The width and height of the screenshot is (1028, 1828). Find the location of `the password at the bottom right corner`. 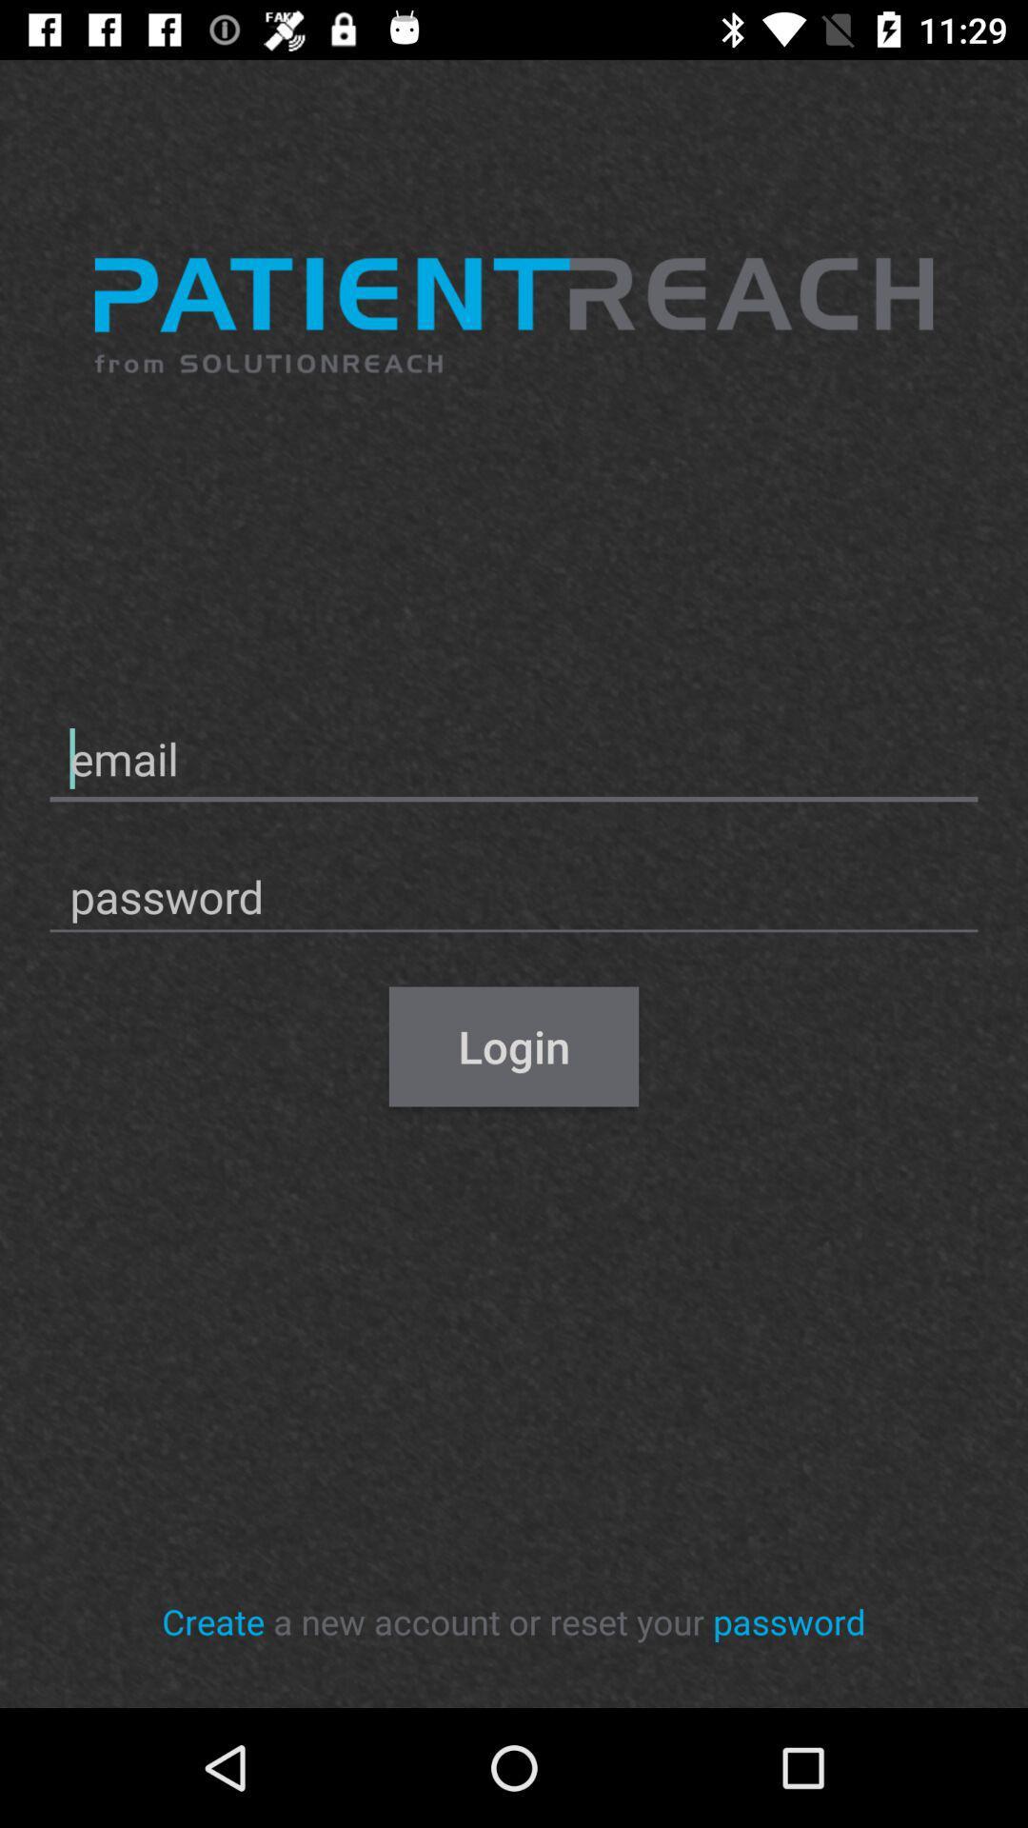

the password at the bottom right corner is located at coordinates (789, 1620).